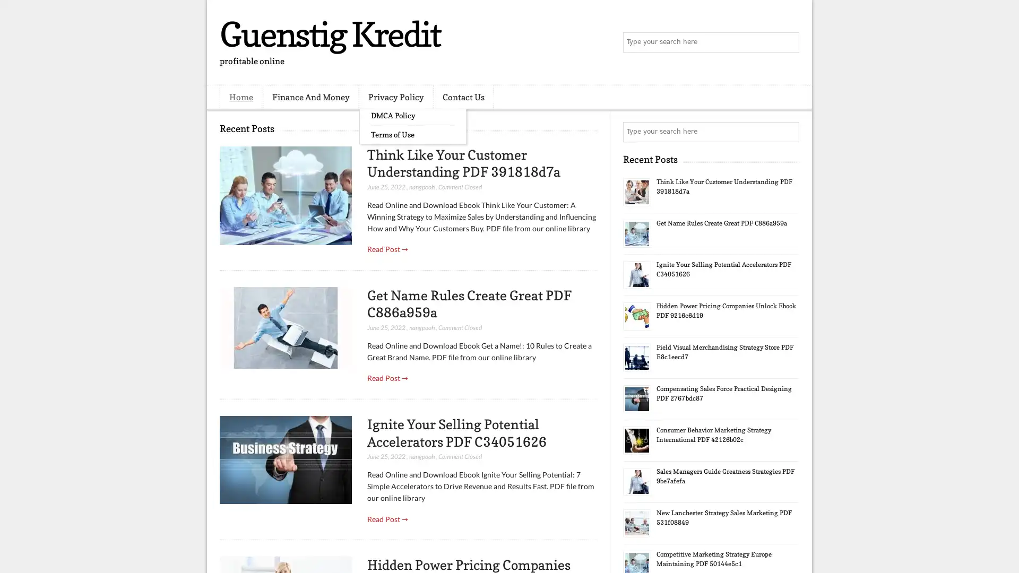 This screenshot has width=1019, height=573. Describe the element at coordinates (788, 42) in the screenshot. I see `Search` at that location.